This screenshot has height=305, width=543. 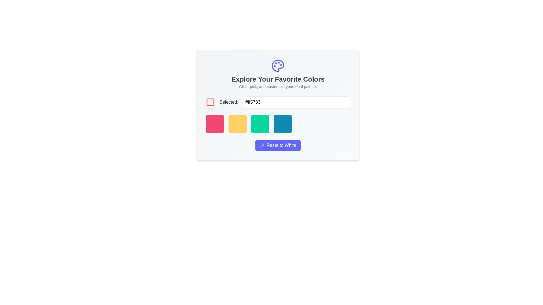 I want to click on the first selectable color option in the horizontal color palette, so click(x=214, y=124).